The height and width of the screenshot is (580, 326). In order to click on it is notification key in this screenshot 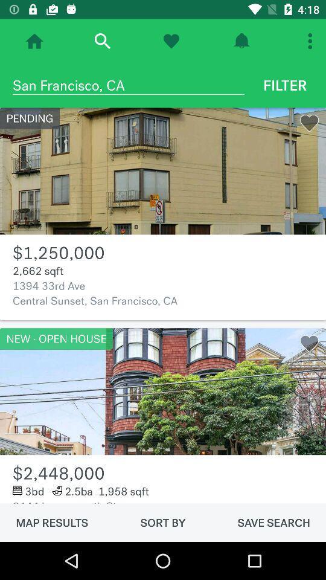, I will do `click(241, 41)`.